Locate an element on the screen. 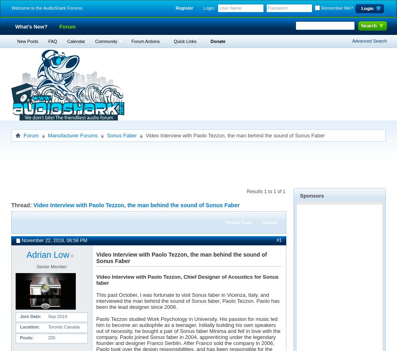 The width and height of the screenshot is (397, 351). 'Video Interview with Paolo Tezzon, Chief Designer of Acoustics for Sonus faber' is located at coordinates (187, 280).